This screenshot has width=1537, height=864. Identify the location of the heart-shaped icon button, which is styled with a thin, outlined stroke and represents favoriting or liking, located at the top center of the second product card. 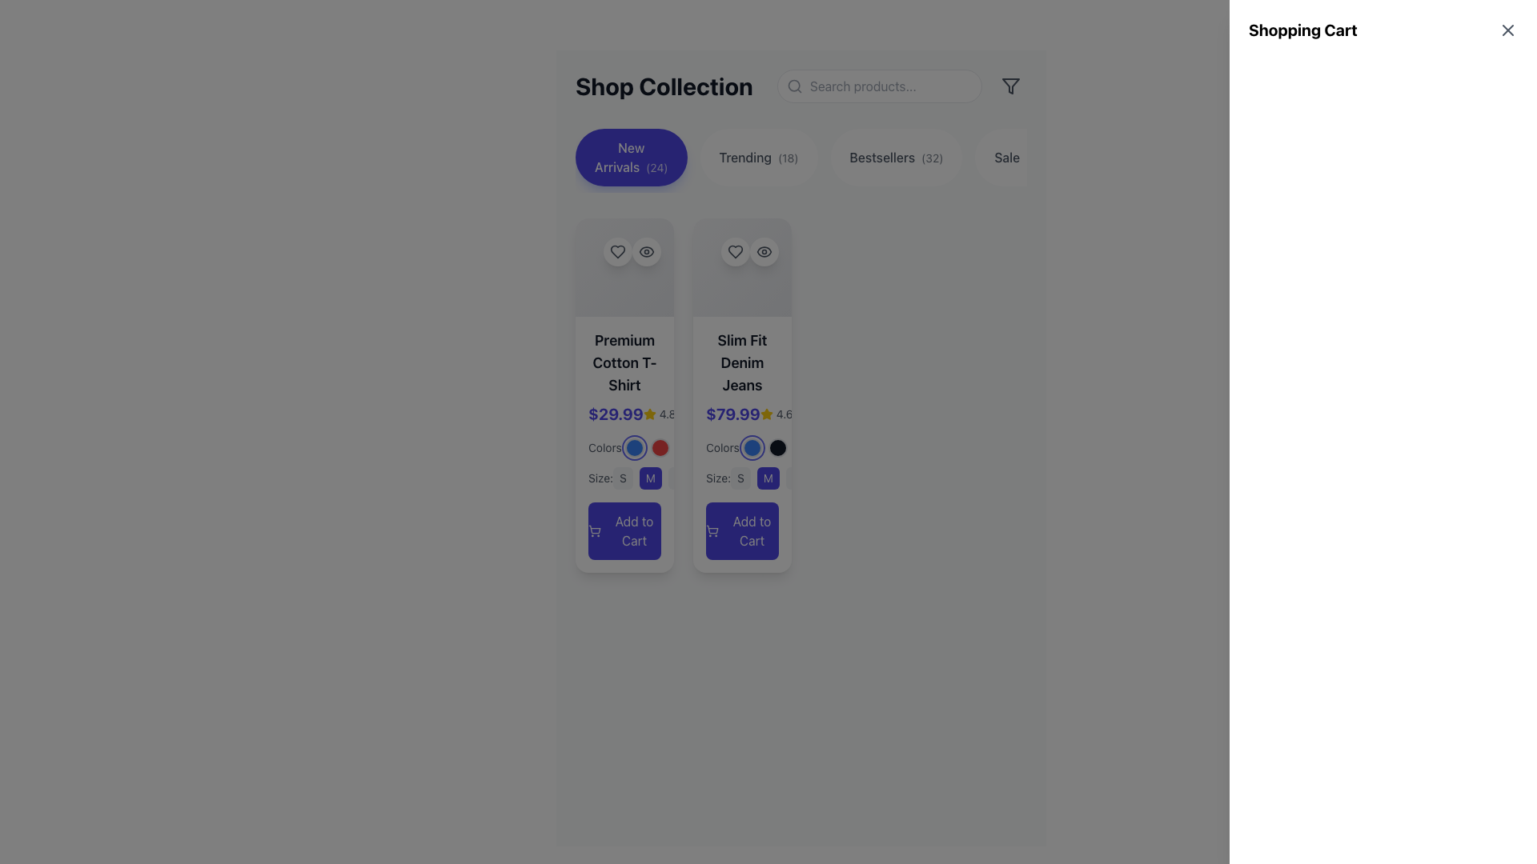
(734, 252).